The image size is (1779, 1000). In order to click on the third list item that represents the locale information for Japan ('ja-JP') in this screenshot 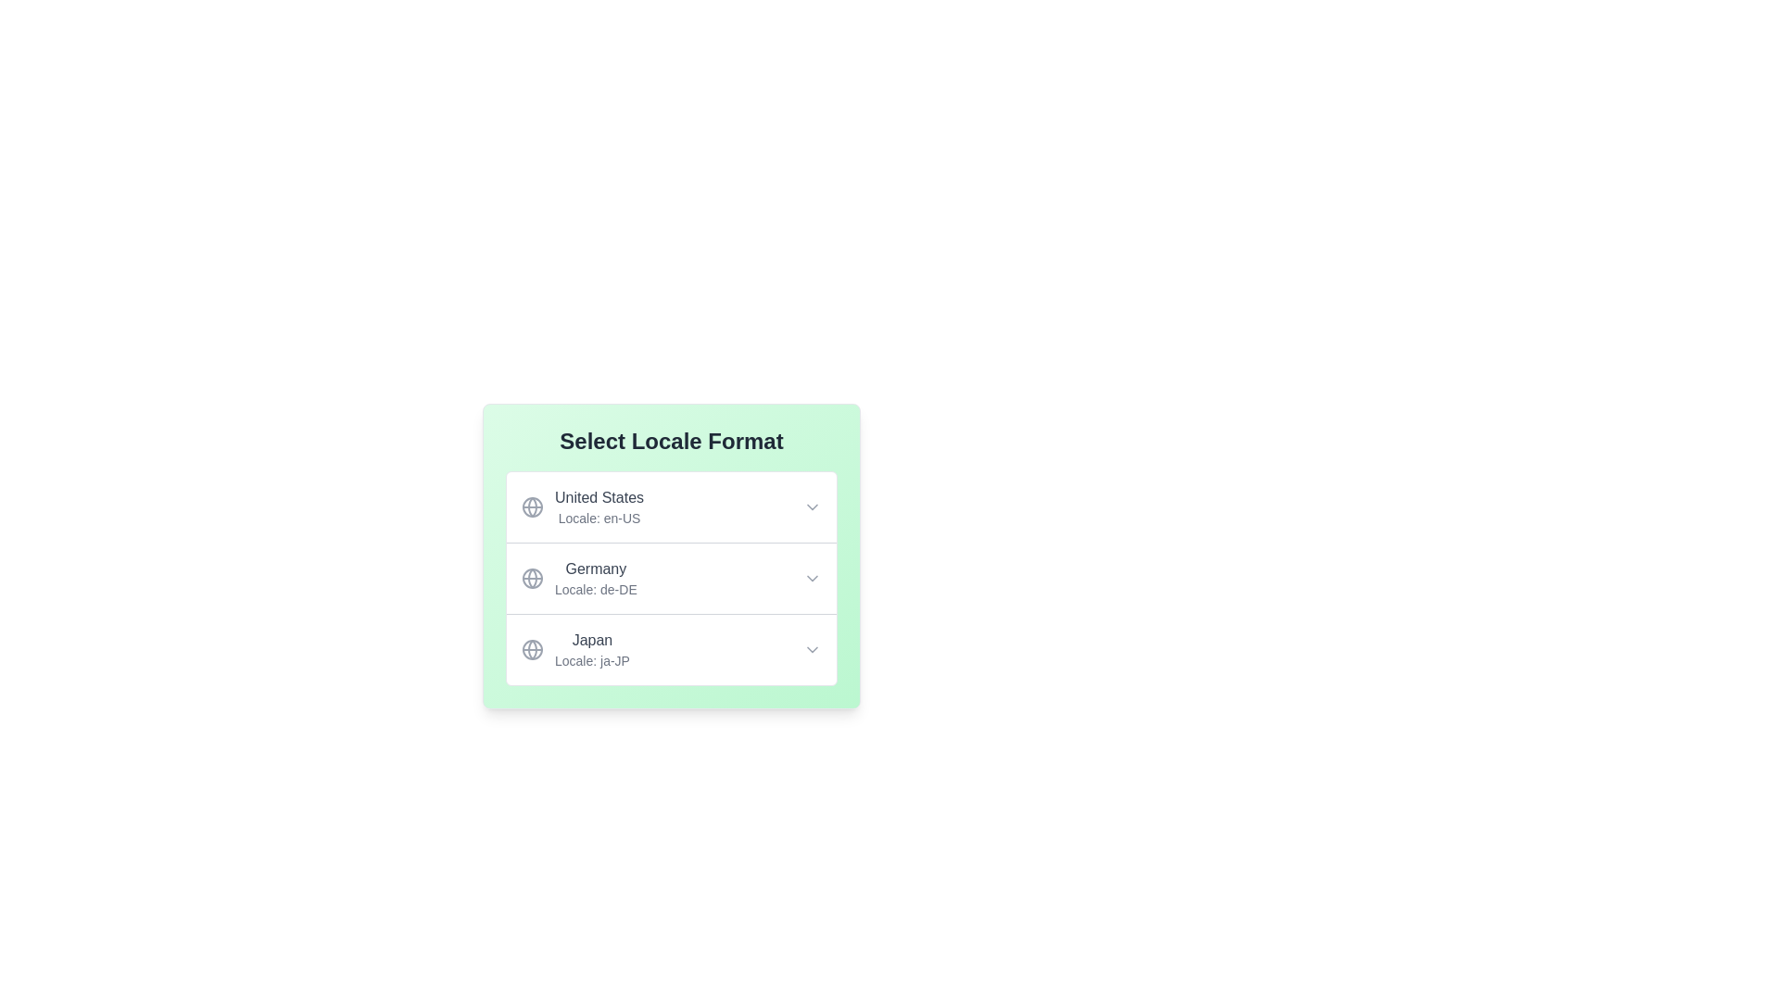, I will do `click(670, 648)`.